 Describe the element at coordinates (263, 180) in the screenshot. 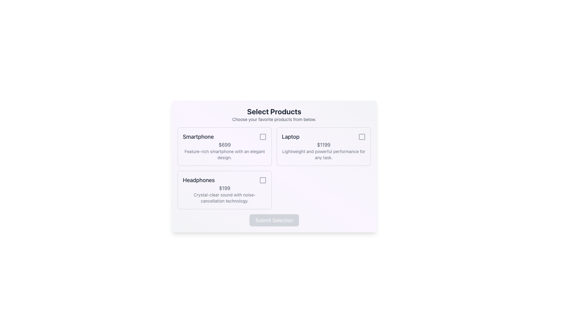

I see `the appearance of the SVG shape within the 'Headphones' product tile, located to the far right of the selection box, adjacent to the price and feature description text` at that location.